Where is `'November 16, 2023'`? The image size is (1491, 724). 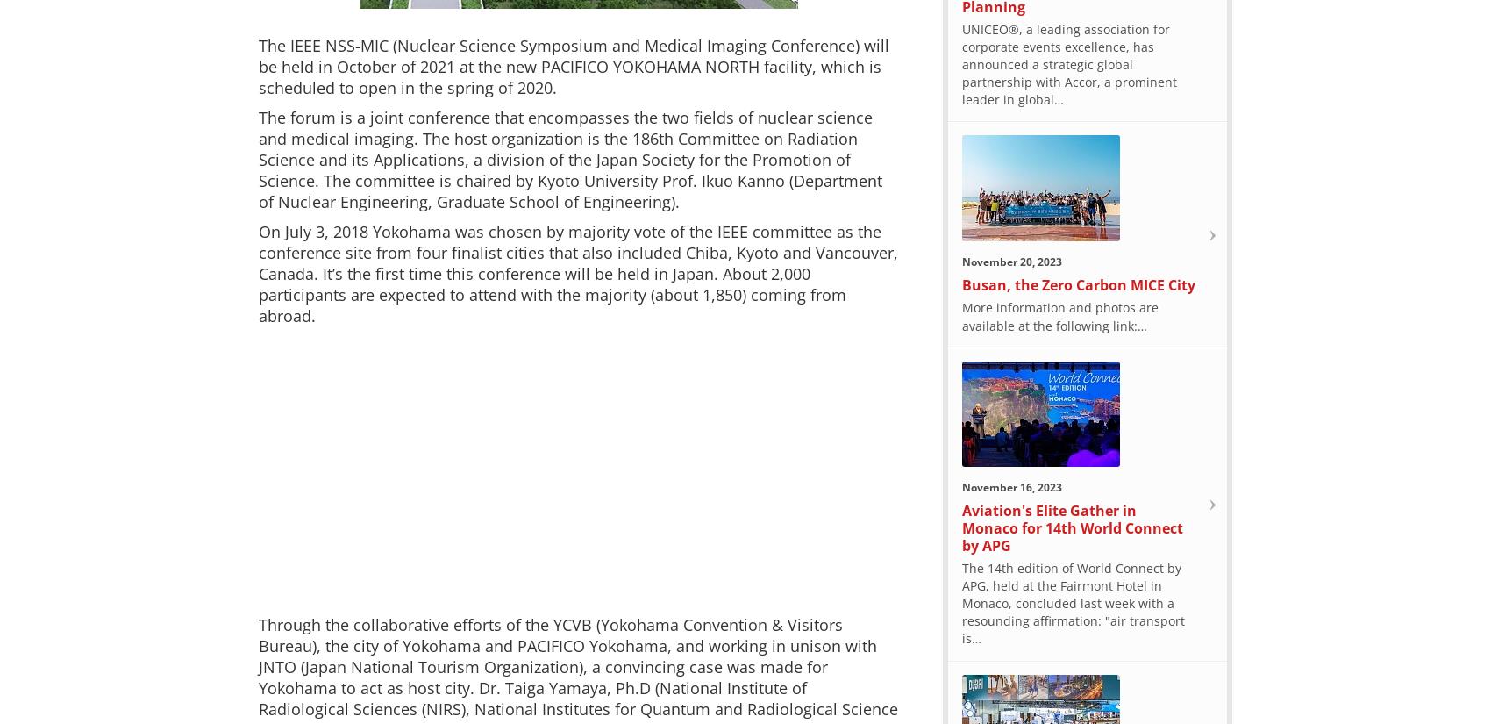
'November 16, 2023' is located at coordinates (962, 486).